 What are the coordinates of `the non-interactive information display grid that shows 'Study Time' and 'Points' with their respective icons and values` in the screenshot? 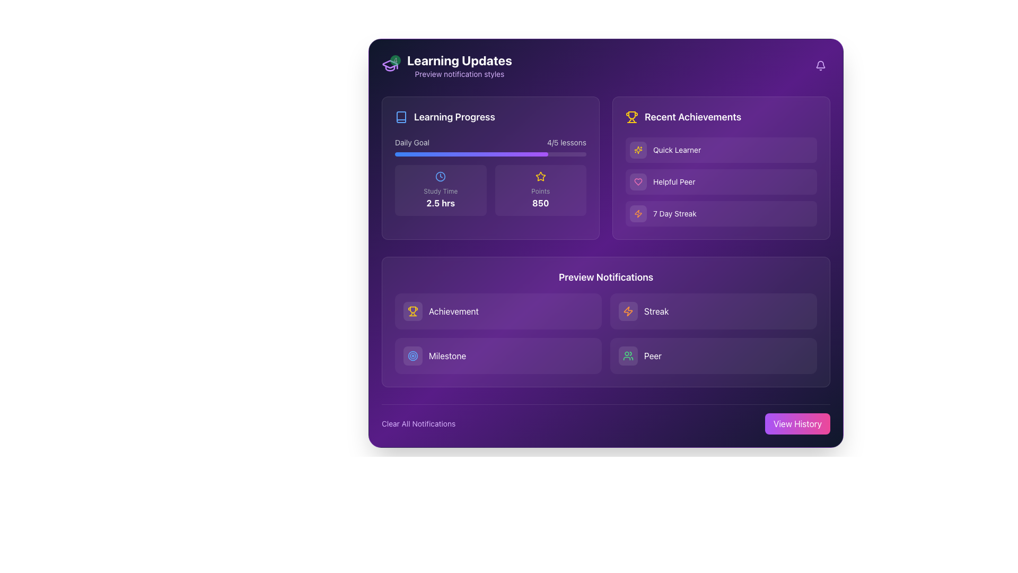 It's located at (490, 189).